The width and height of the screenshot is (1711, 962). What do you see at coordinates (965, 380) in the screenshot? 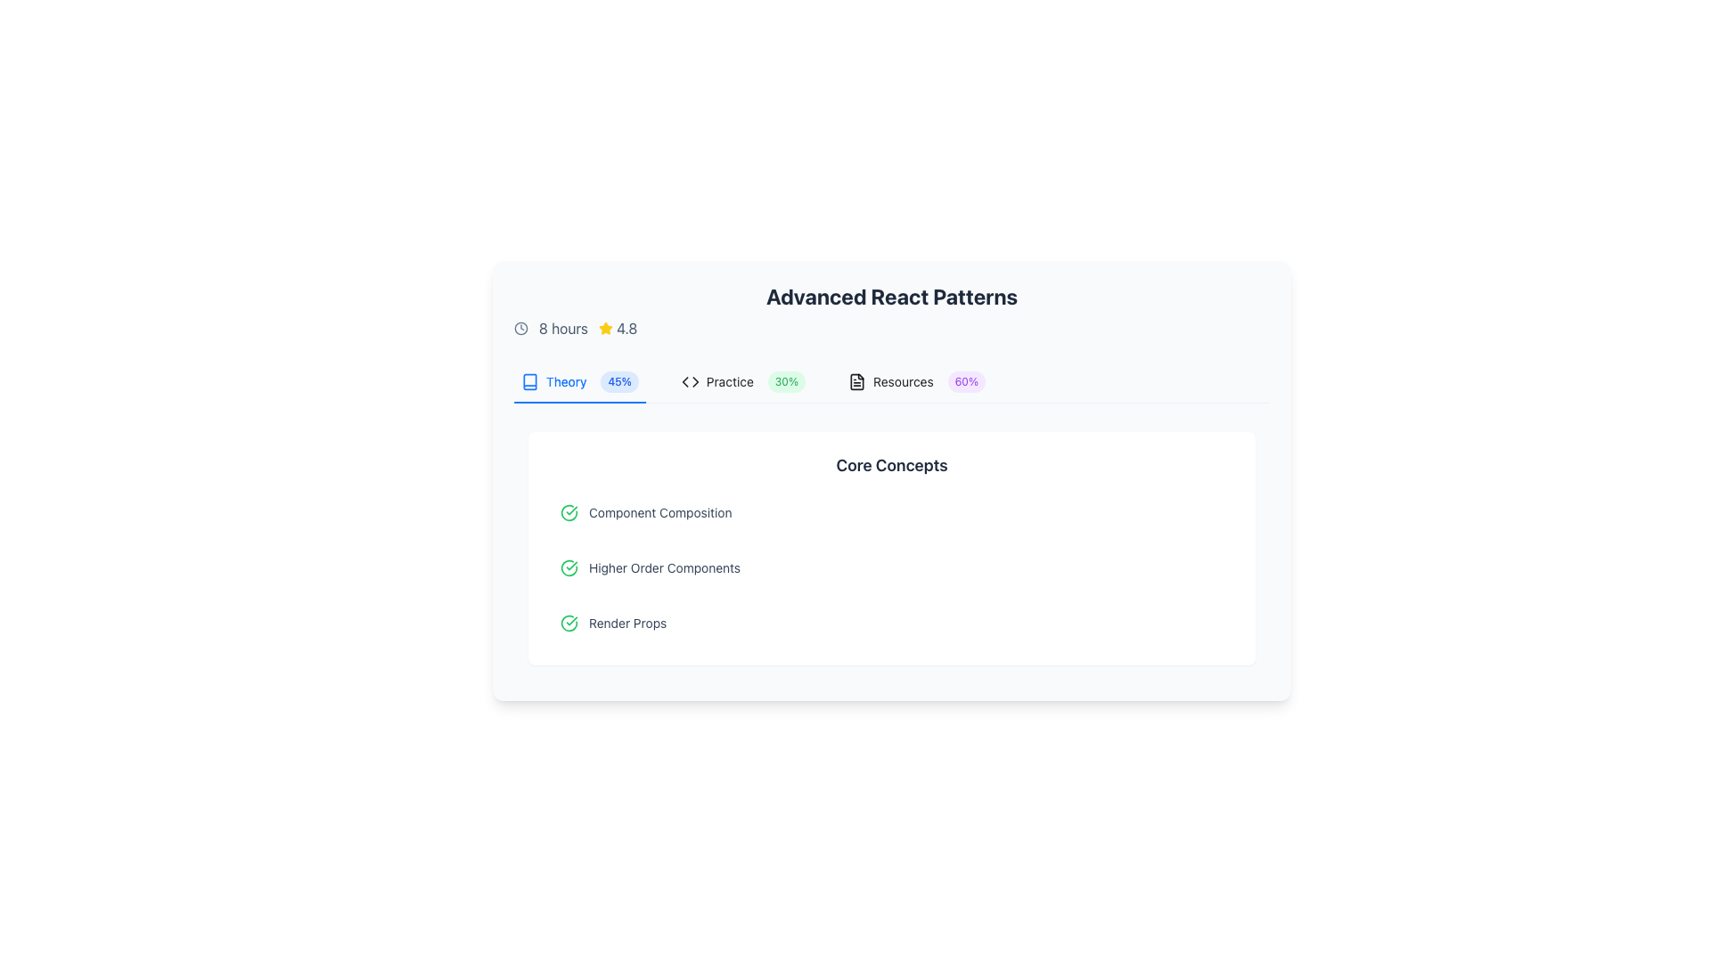
I see `percentage value displayed in the small purple badge that shows '60%' located to the right of the word 'Resources' in the navigation bar` at bounding box center [965, 380].